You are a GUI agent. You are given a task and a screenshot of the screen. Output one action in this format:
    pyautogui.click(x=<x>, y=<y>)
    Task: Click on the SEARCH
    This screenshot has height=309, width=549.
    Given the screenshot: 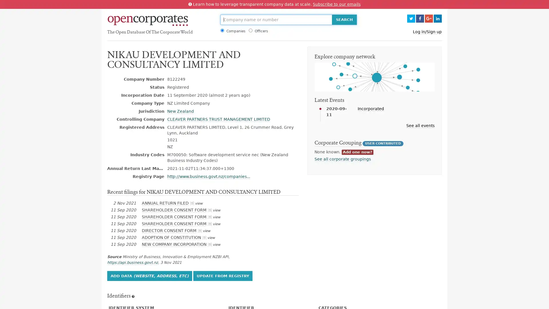 What is the action you would take?
    pyautogui.click(x=344, y=19)
    